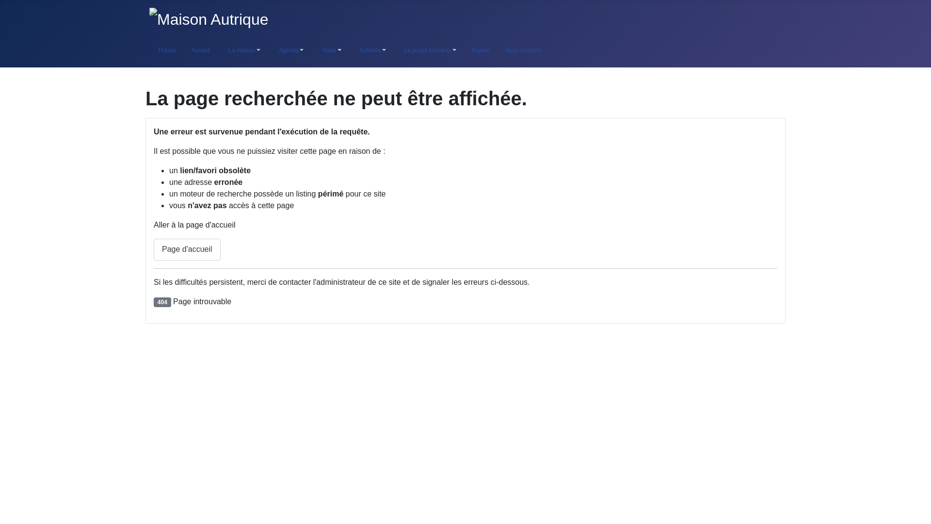 This screenshot has height=524, width=931. Describe the element at coordinates (329, 50) in the screenshot. I see `'Visite'` at that location.